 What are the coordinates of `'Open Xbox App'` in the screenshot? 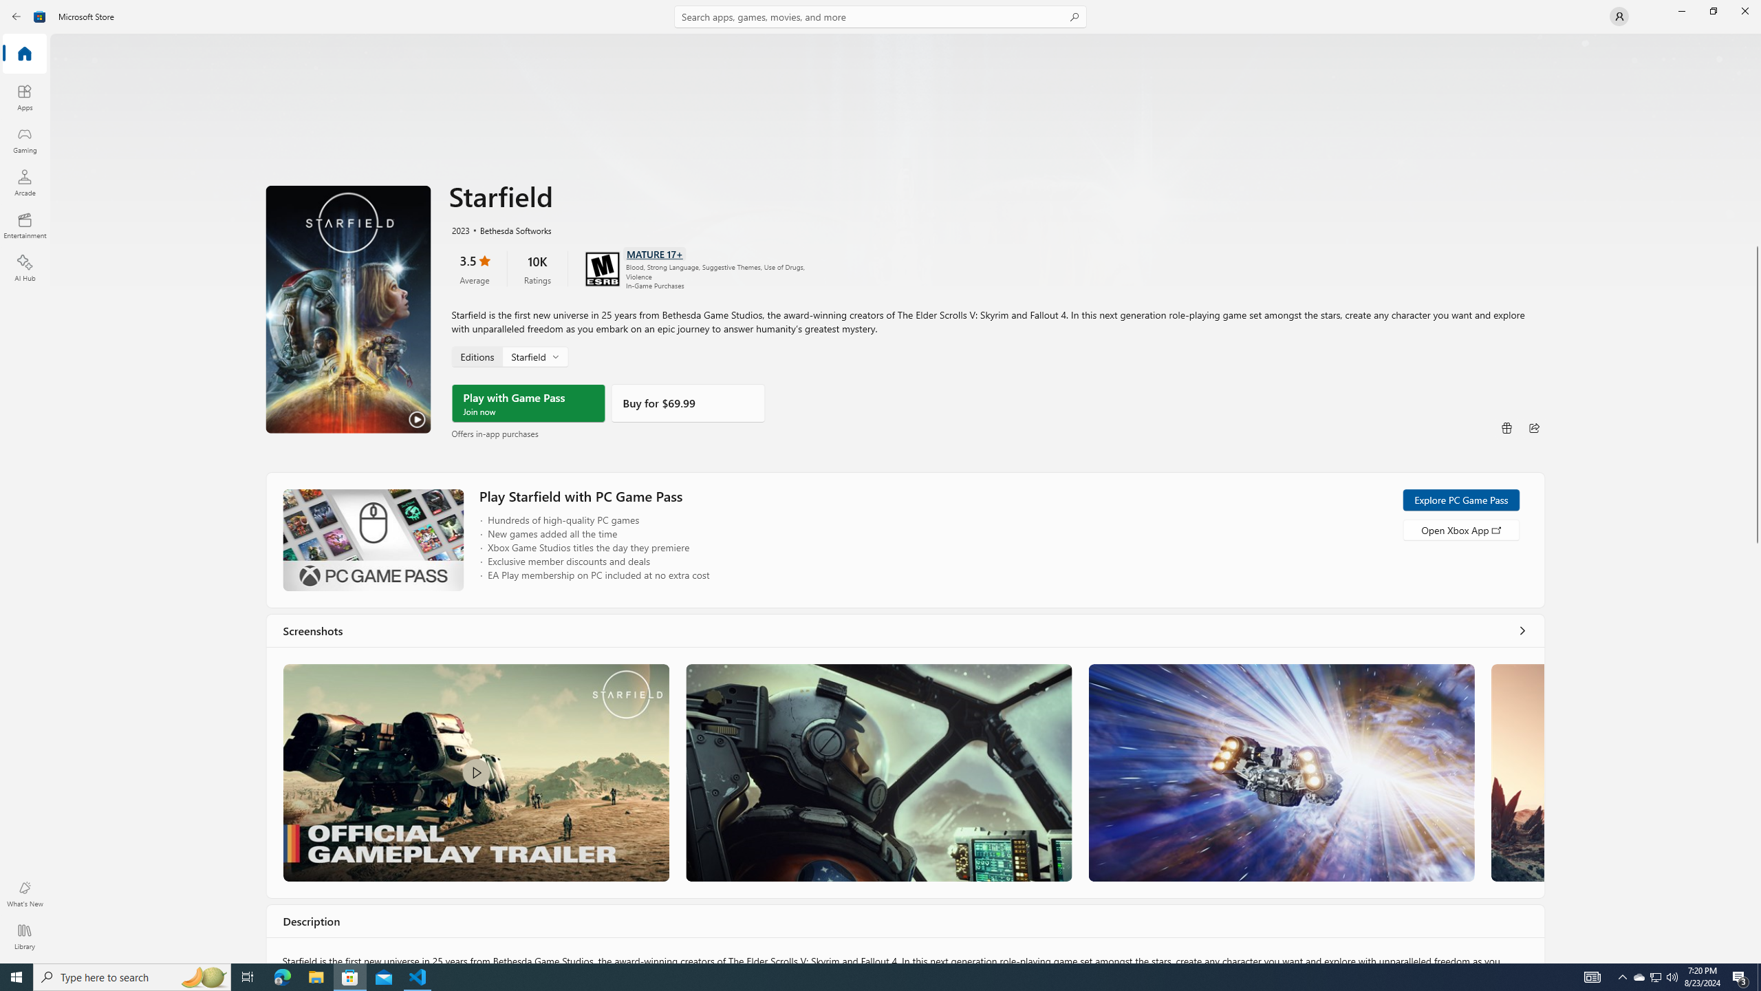 It's located at (1460, 529).